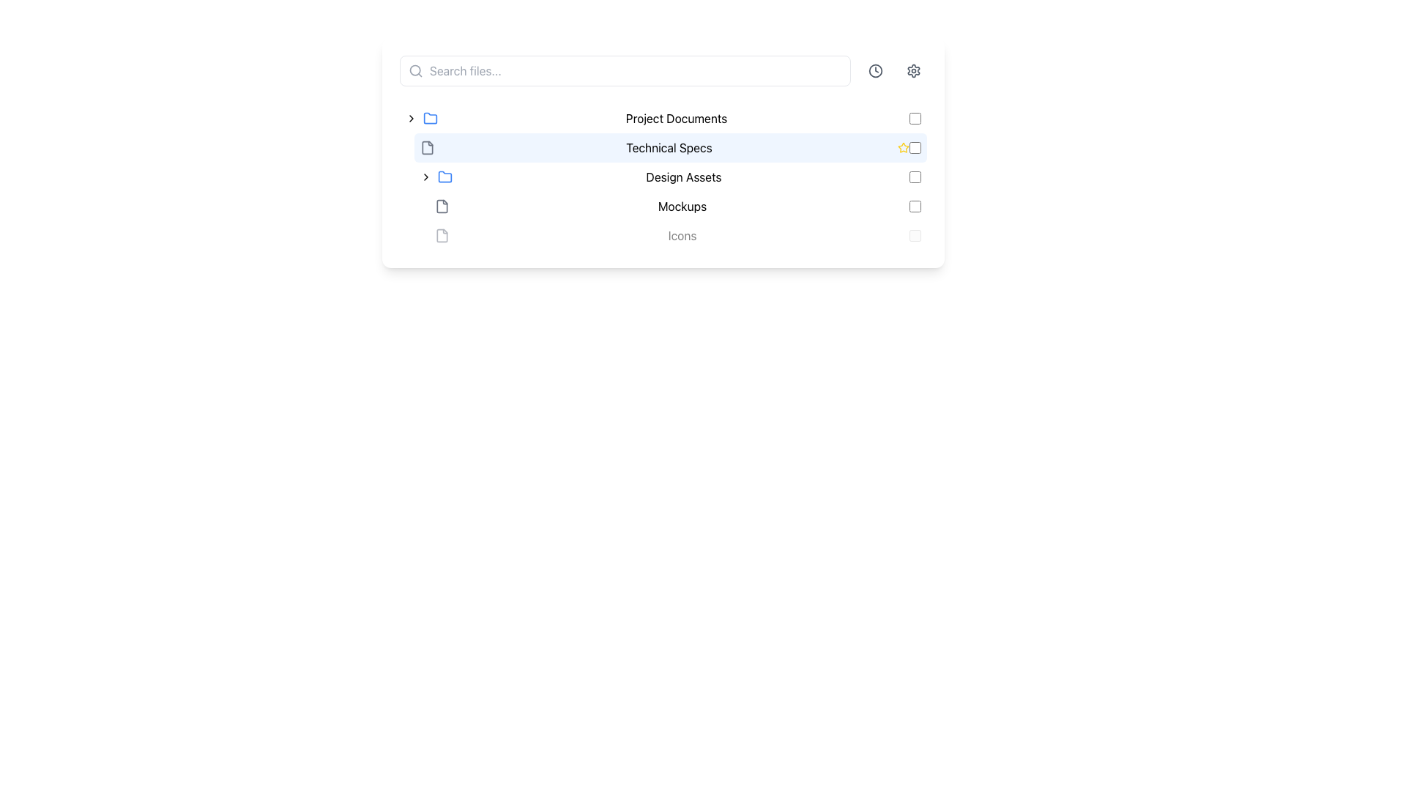 The height and width of the screenshot is (791, 1406). I want to click on the folder icon representing 'Project Documents', so click(430, 118).